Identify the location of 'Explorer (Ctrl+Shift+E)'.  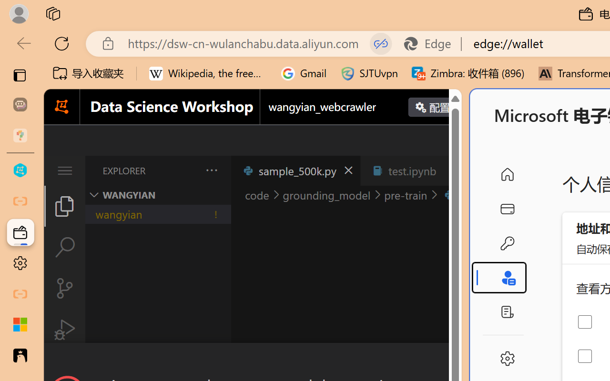
(64, 206).